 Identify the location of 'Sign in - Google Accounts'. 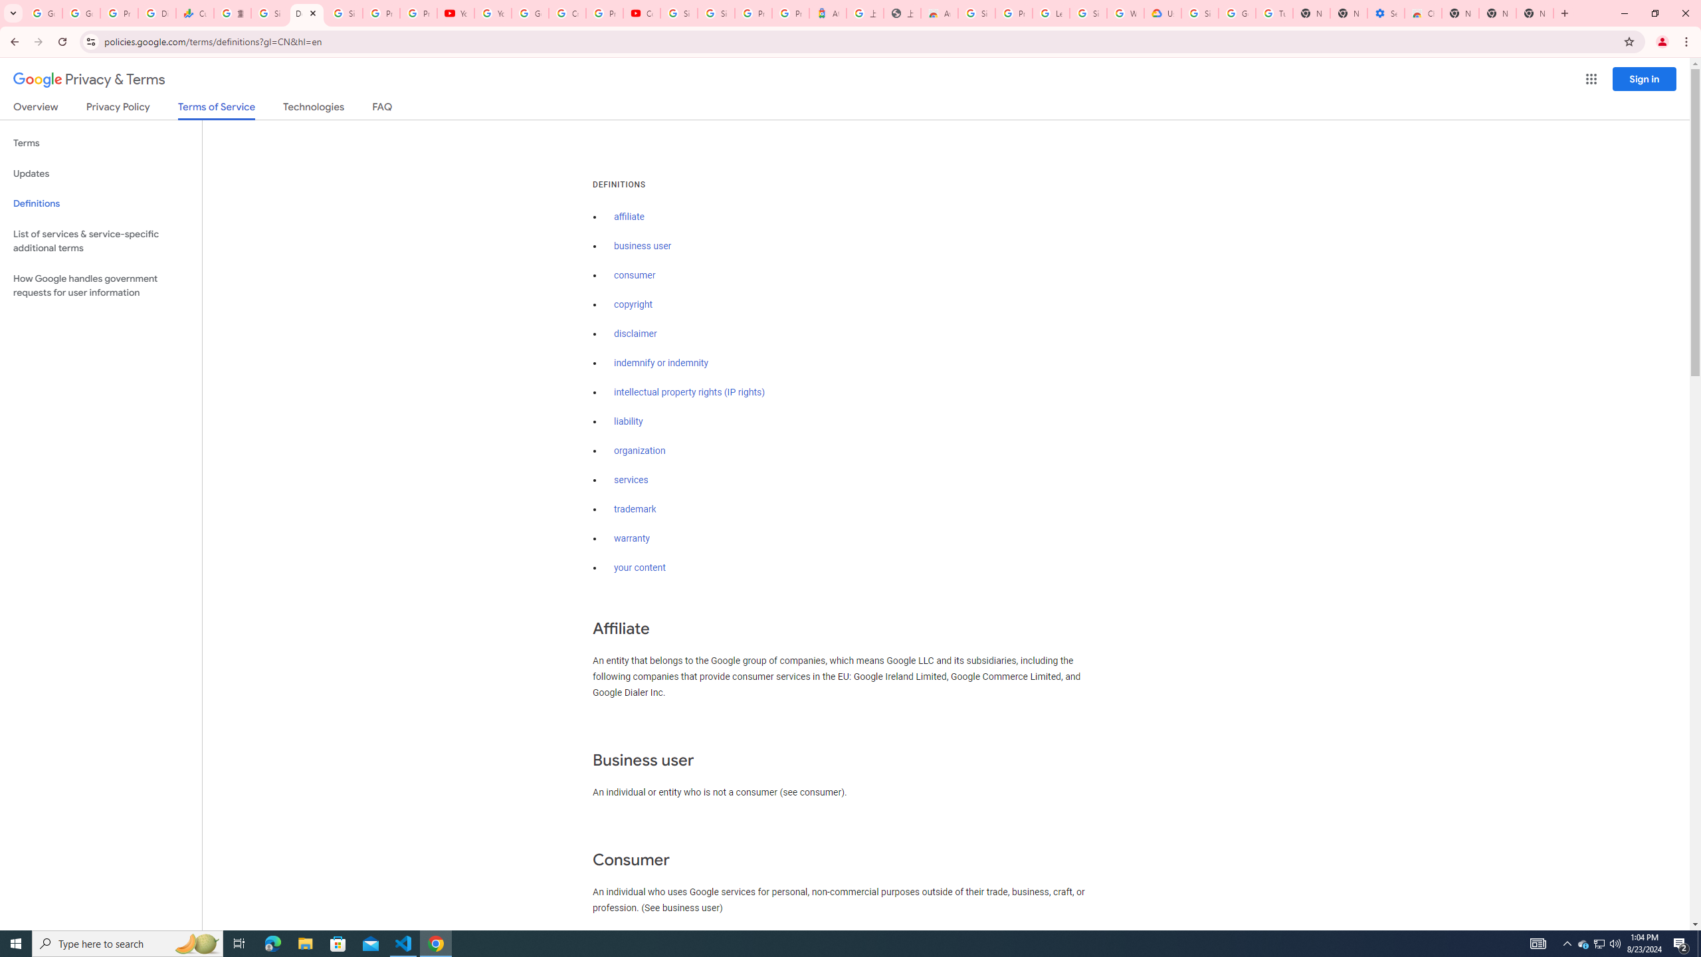
(344, 13).